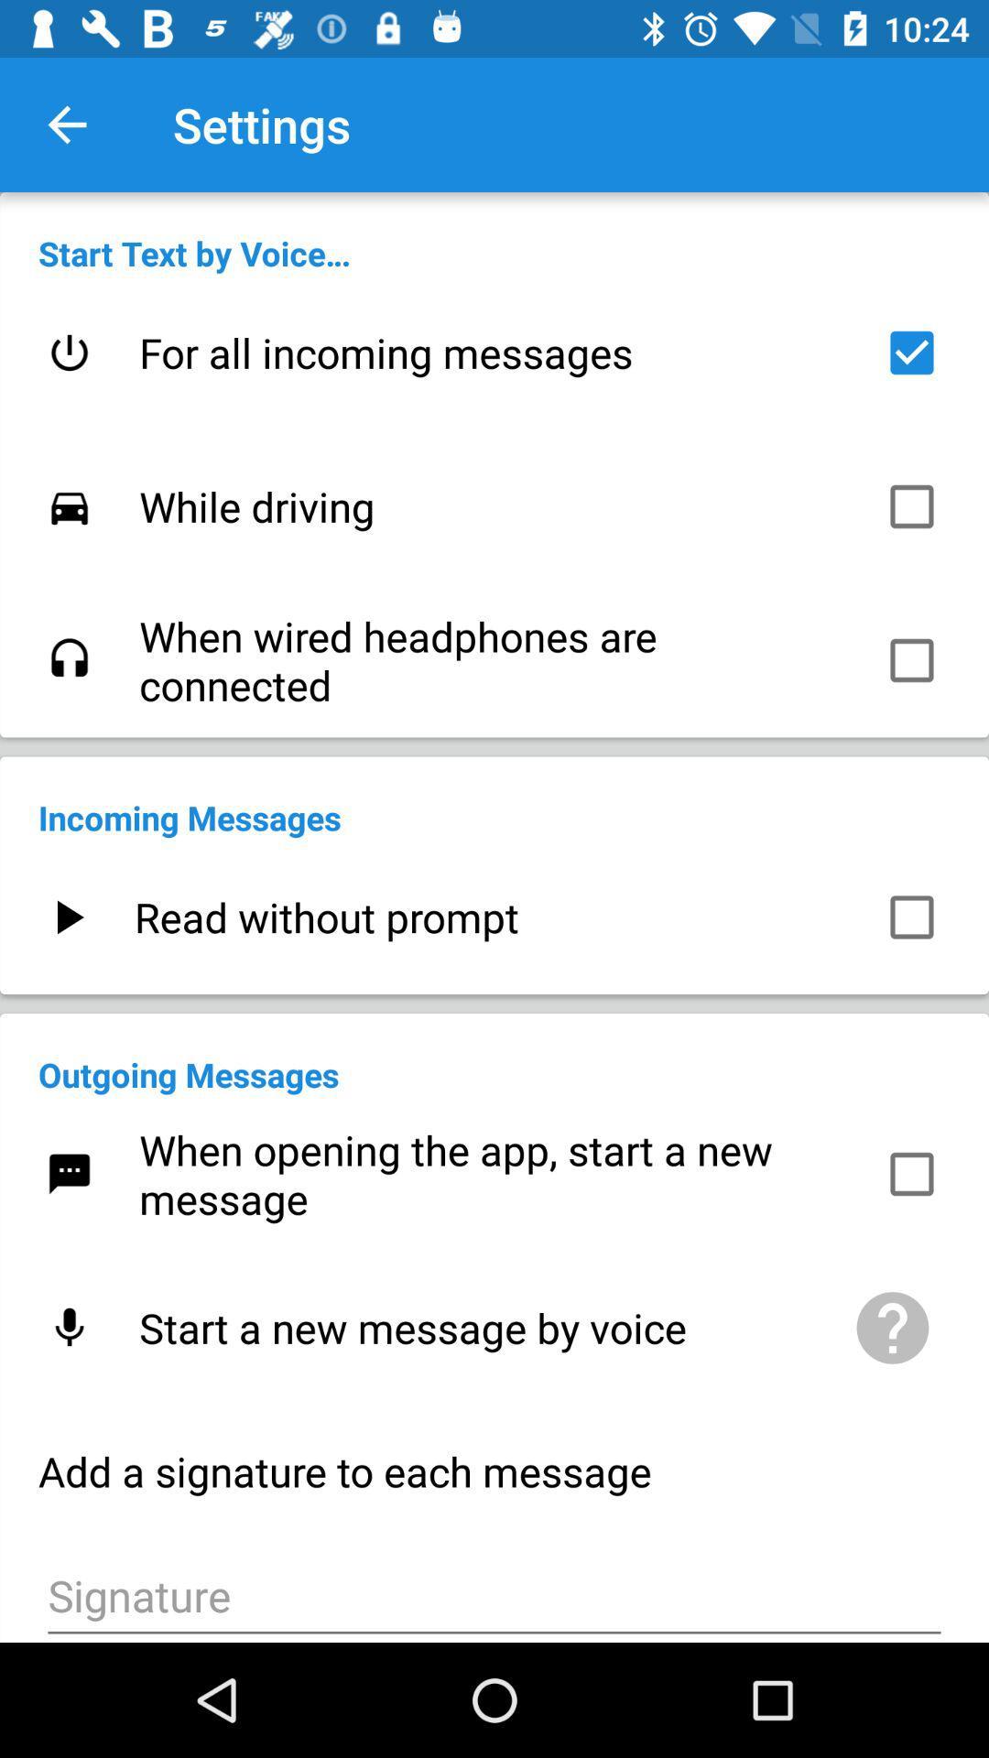 Image resolution: width=989 pixels, height=1758 pixels. What do you see at coordinates (66, 124) in the screenshot?
I see `the item above the start text by item` at bounding box center [66, 124].